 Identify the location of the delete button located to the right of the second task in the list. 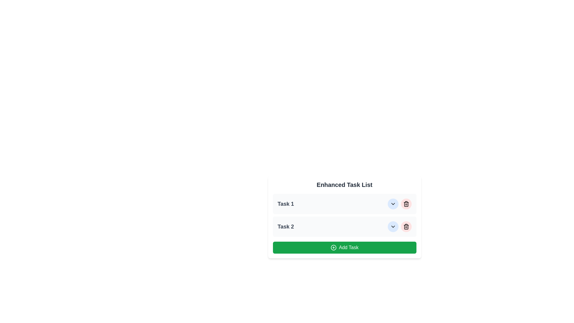
(406, 227).